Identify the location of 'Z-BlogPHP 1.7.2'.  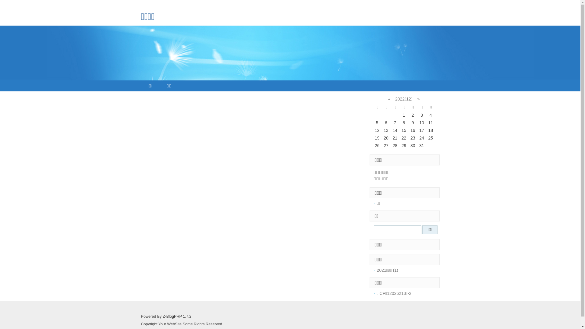
(176, 316).